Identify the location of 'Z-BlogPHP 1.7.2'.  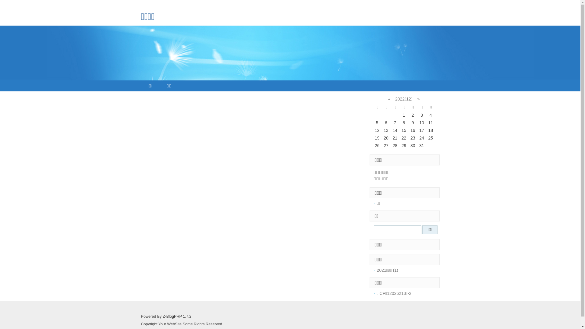
(176, 316).